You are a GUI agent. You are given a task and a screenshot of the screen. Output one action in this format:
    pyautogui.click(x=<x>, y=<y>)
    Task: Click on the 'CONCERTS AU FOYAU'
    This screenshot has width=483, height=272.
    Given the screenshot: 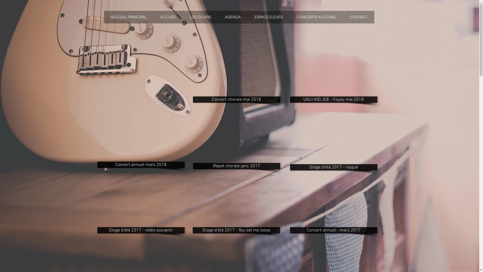 What is the action you would take?
    pyautogui.click(x=316, y=17)
    